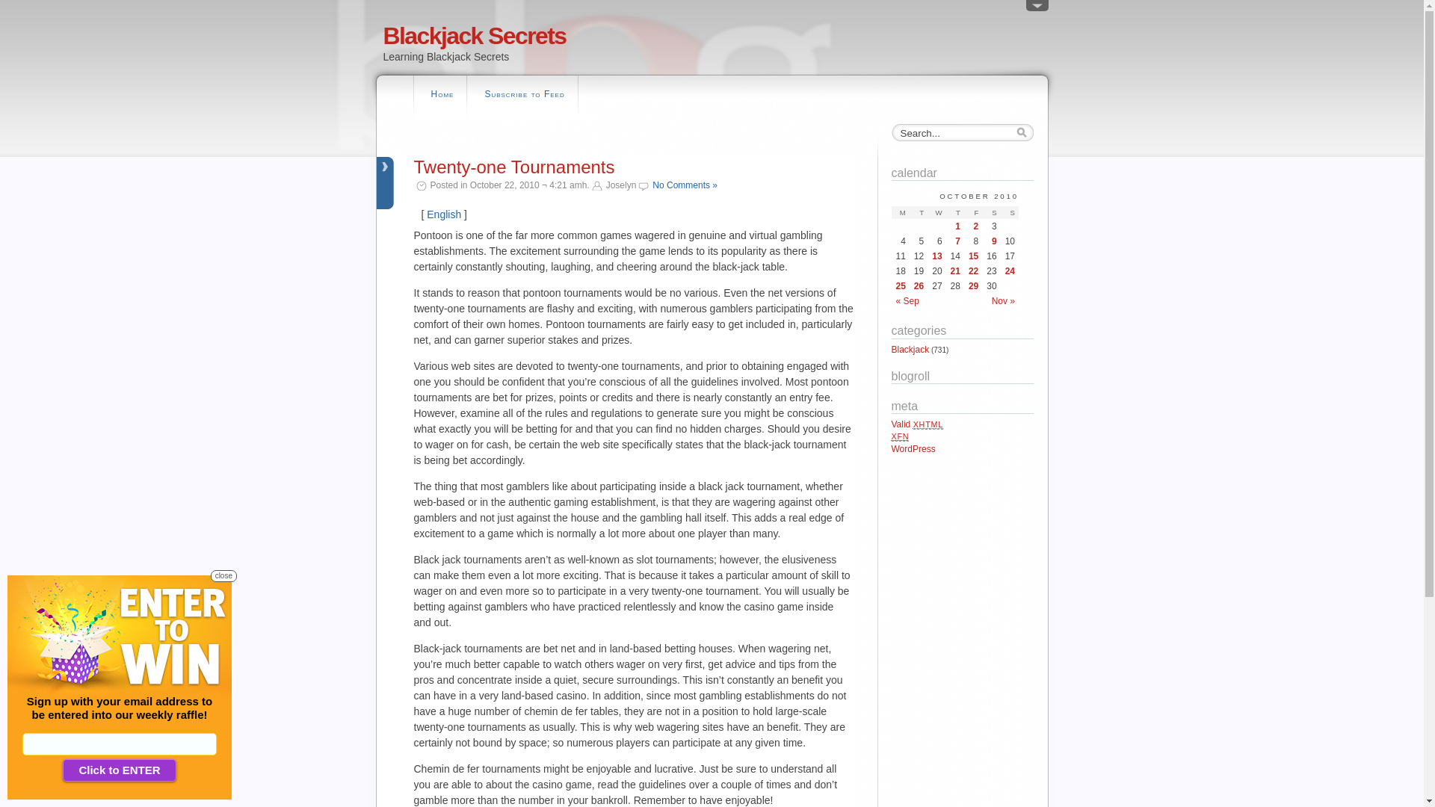 The height and width of the screenshot is (807, 1435). I want to click on '22', so click(973, 270).